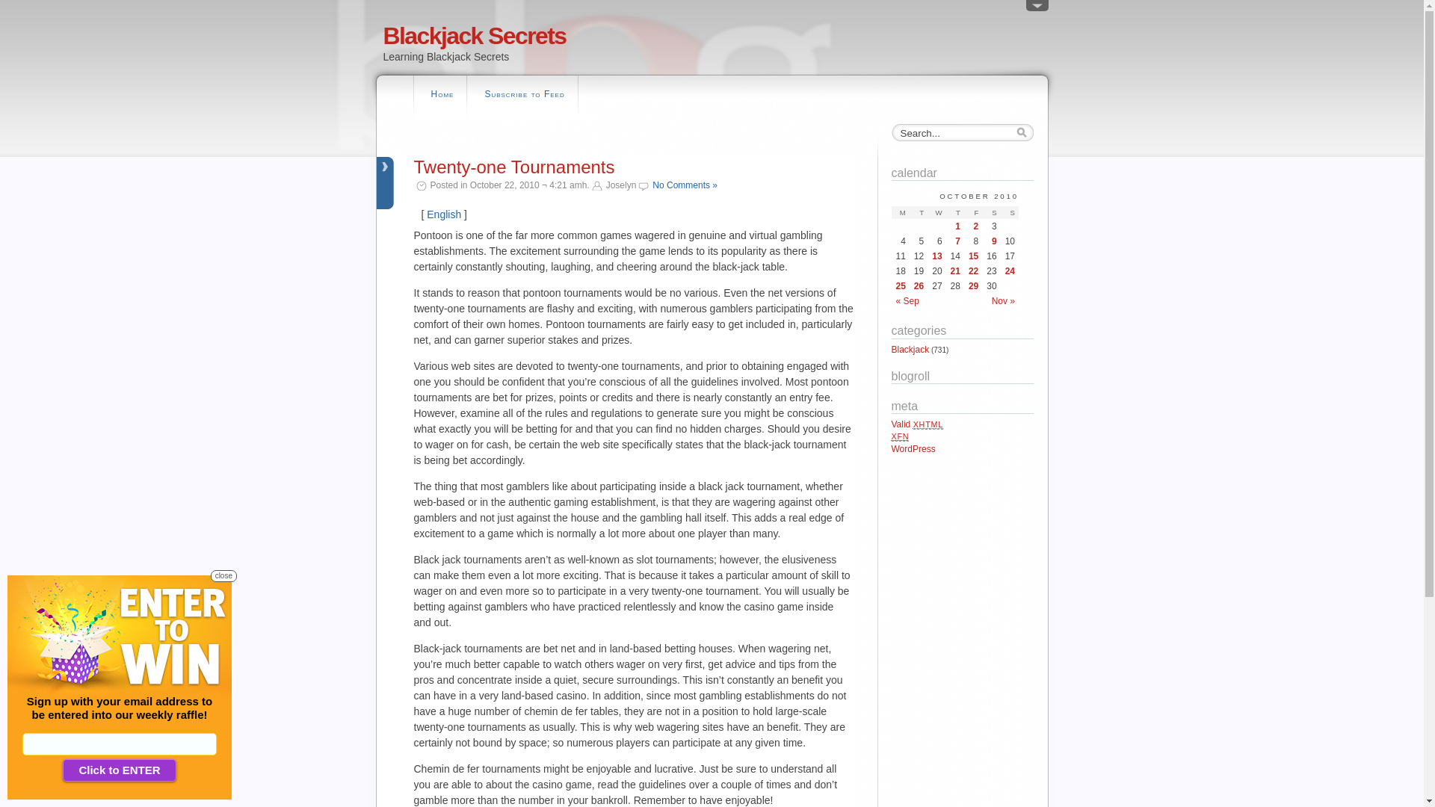 The height and width of the screenshot is (807, 1435). I want to click on '22', so click(973, 270).